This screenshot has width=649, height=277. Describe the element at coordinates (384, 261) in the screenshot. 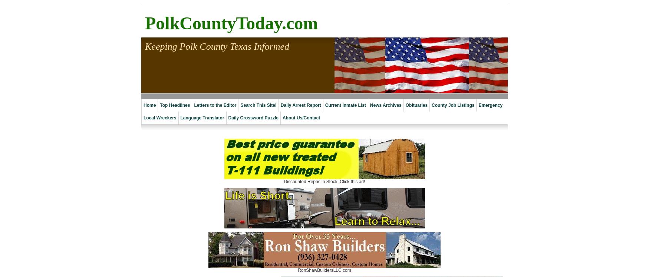

I see `'2019 Archives'` at that location.